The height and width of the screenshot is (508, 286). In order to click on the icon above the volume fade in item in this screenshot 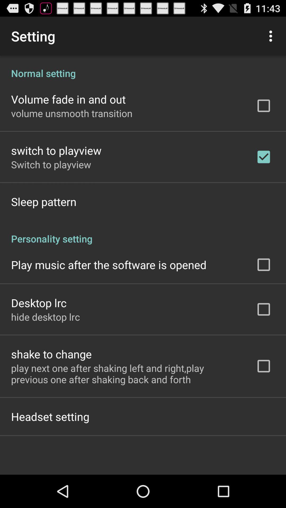, I will do `click(143, 67)`.